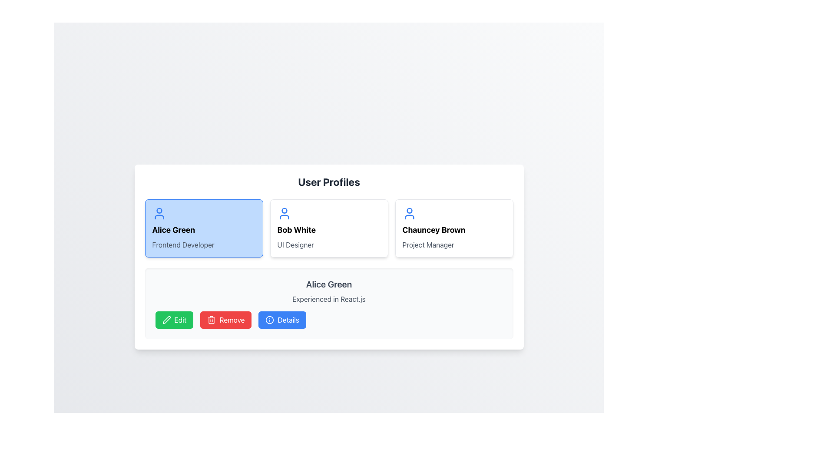  I want to click on the non-interactive text label indicating the professional role of 'Frontend Developer' associated with user 'Alice Green', located within the card below the header 'Alice Green', so click(183, 244).